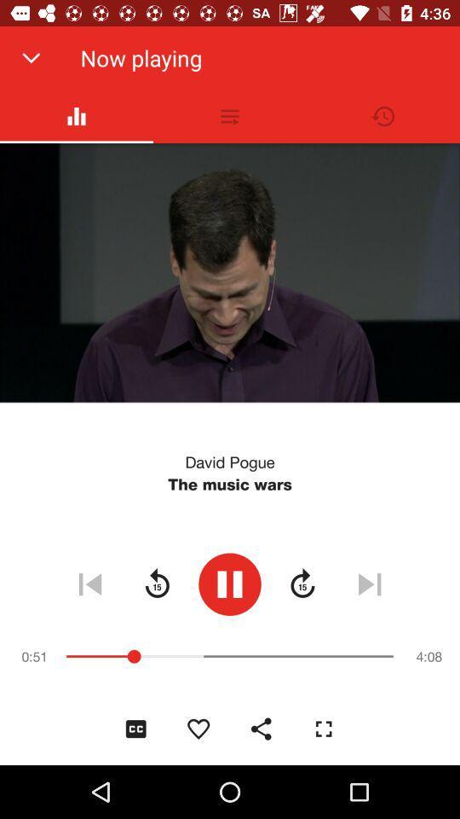  What do you see at coordinates (198, 728) in the screenshot?
I see `the favorite icon` at bounding box center [198, 728].